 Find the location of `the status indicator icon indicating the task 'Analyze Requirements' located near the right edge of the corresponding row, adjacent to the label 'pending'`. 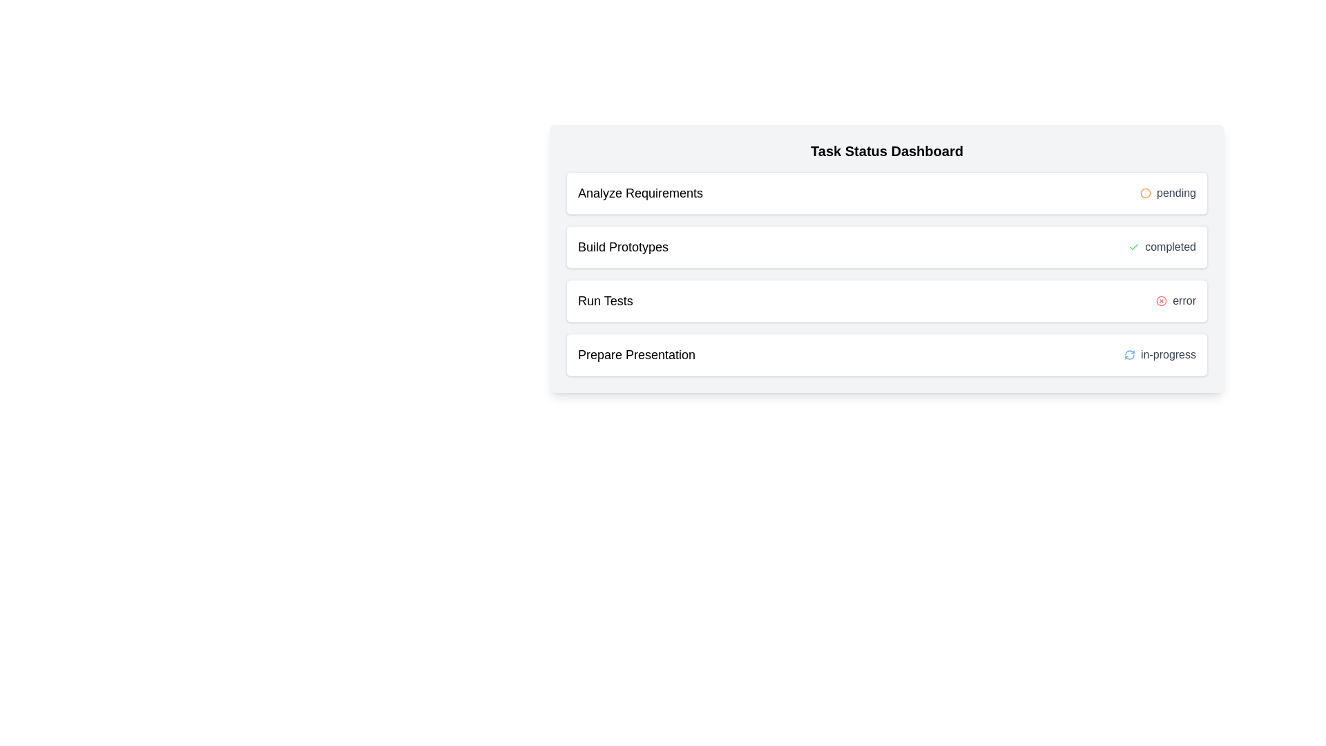

the status indicator icon indicating the task 'Analyze Requirements' located near the right edge of the corresponding row, adjacent to the label 'pending' is located at coordinates (1146, 193).